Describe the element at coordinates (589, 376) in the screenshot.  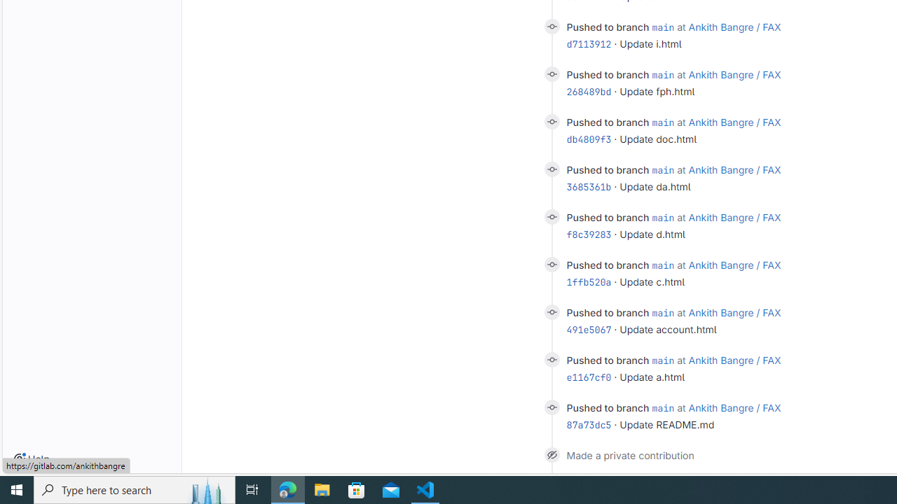
I see `'e1167cf0'` at that location.